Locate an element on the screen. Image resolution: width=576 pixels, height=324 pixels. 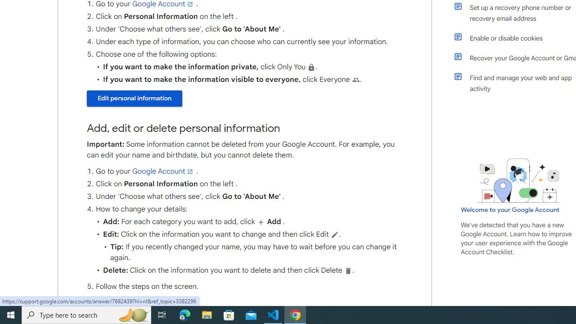
'Learning Center home page image' is located at coordinates (518, 180).